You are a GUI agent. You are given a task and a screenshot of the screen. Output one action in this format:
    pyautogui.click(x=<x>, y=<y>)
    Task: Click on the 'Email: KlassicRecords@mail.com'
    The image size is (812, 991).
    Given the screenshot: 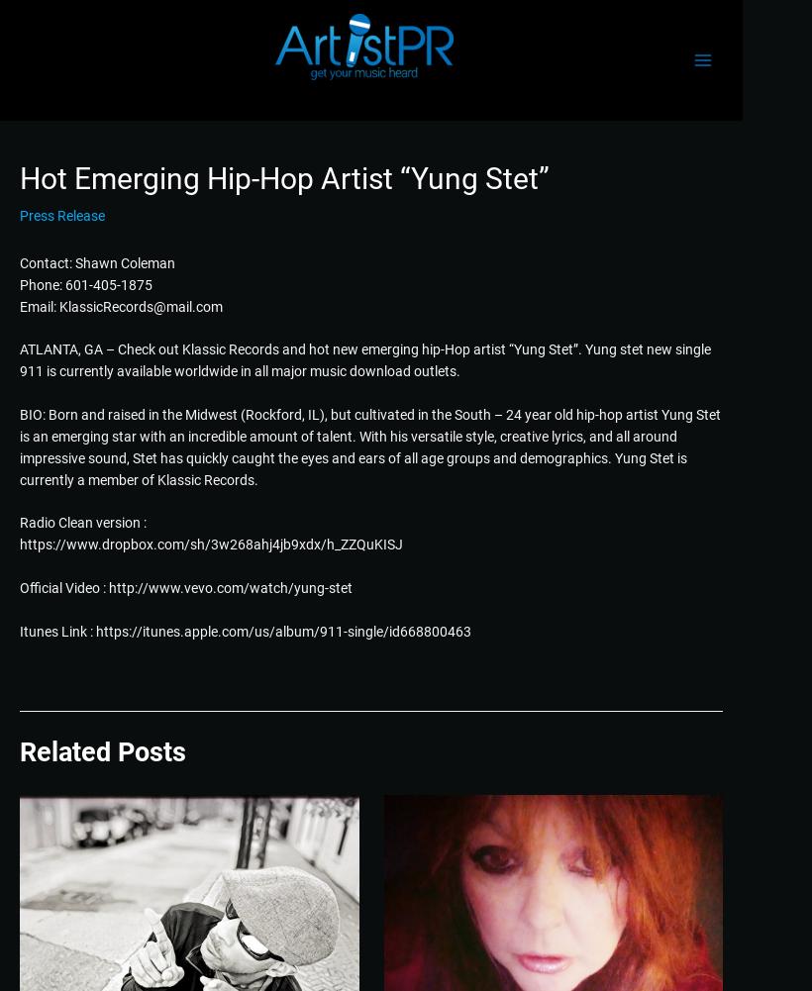 What is the action you would take?
    pyautogui.click(x=19, y=306)
    